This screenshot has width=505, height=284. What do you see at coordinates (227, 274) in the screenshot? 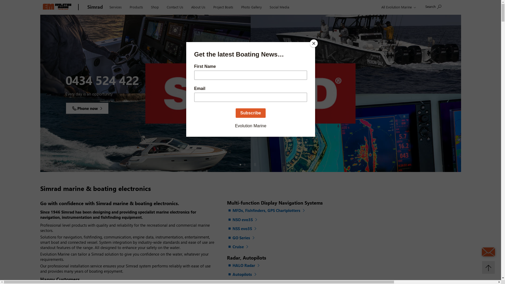
I see `'Autopilots'` at bounding box center [227, 274].